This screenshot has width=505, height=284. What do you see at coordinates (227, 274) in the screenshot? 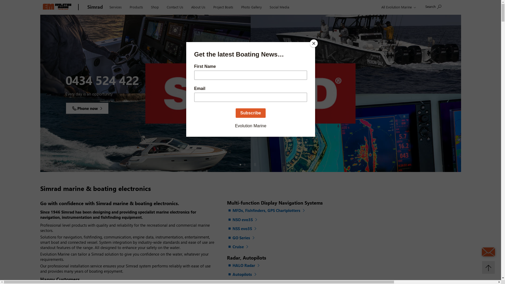
I see `'Autopilots'` at bounding box center [227, 274].